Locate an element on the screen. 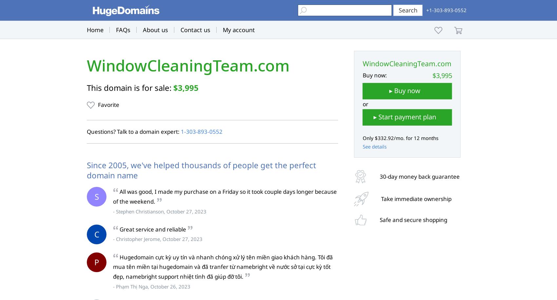 This screenshot has width=557, height=300. 'This domain is for sale:' is located at coordinates (129, 87).